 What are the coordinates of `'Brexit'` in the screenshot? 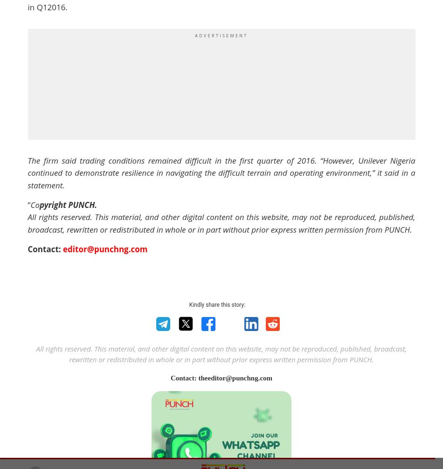 It's located at (173, 223).